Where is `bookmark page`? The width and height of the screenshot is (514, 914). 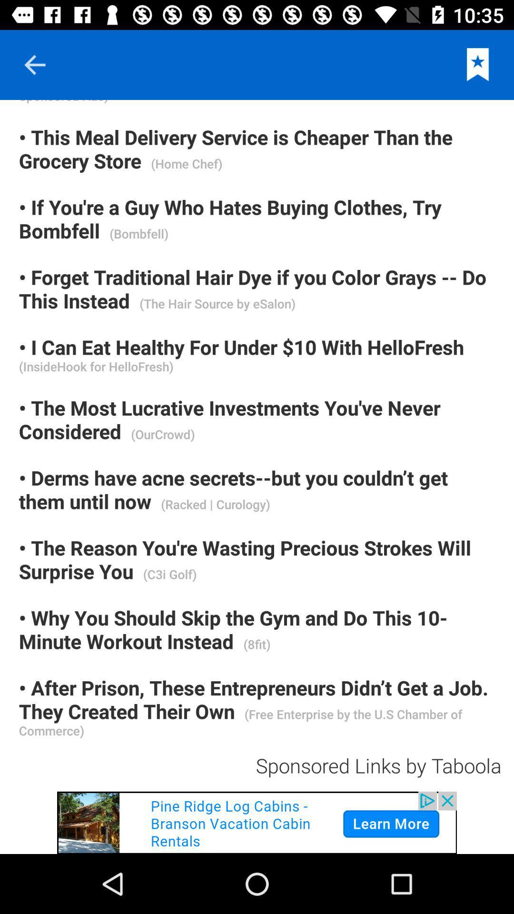
bookmark page is located at coordinates (478, 64).